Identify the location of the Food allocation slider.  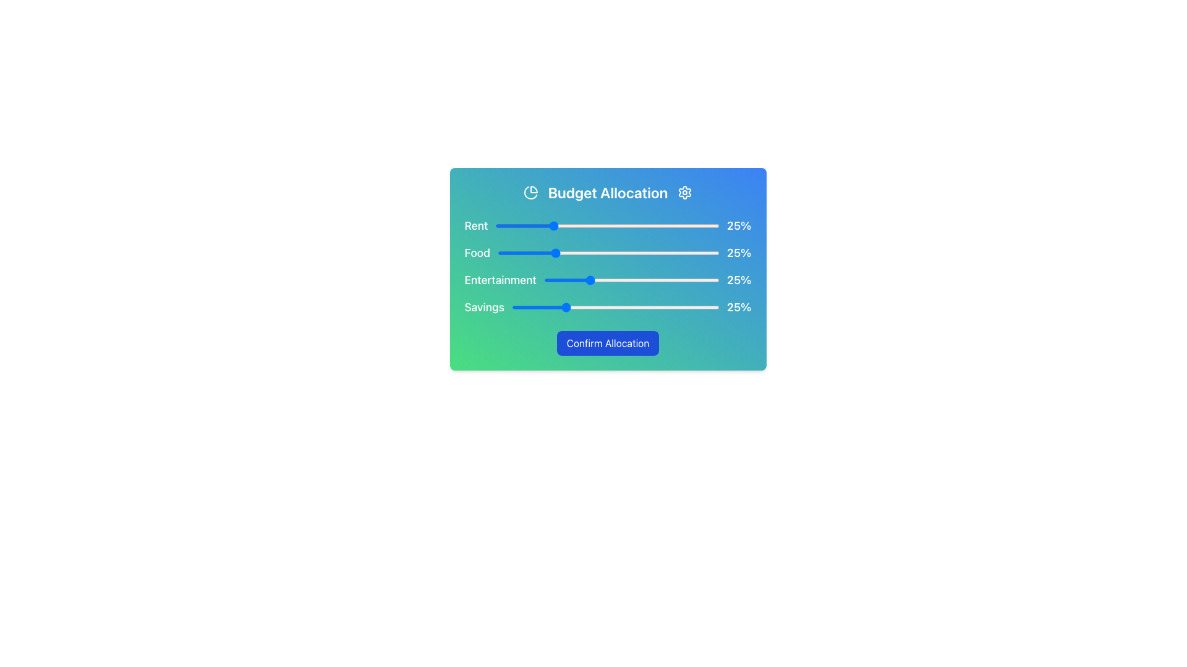
(626, 252).